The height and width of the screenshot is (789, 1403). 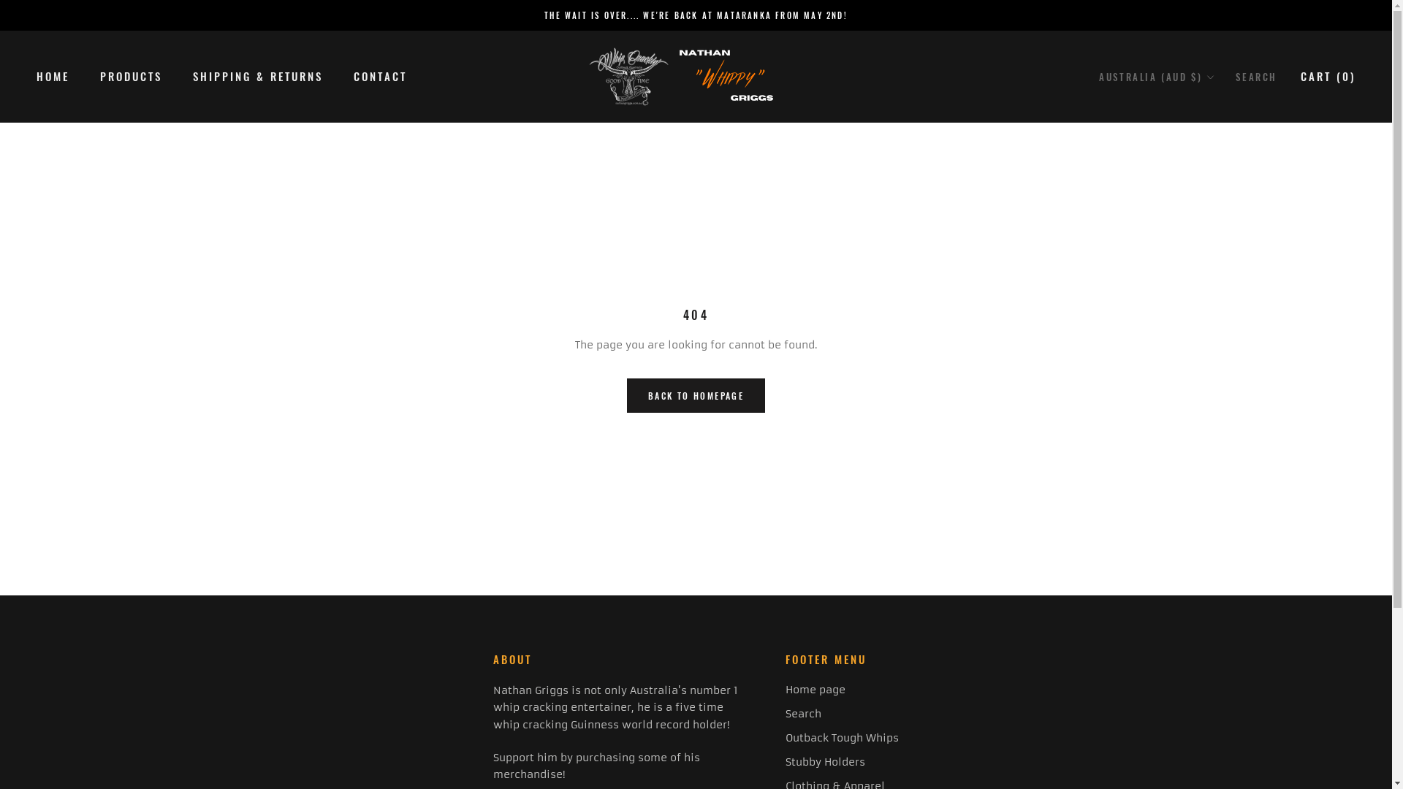 What do you see at coordinates (1255, 77) in the screenshot?
I see `'SEARCH'` at bounding box center [1255, 77].